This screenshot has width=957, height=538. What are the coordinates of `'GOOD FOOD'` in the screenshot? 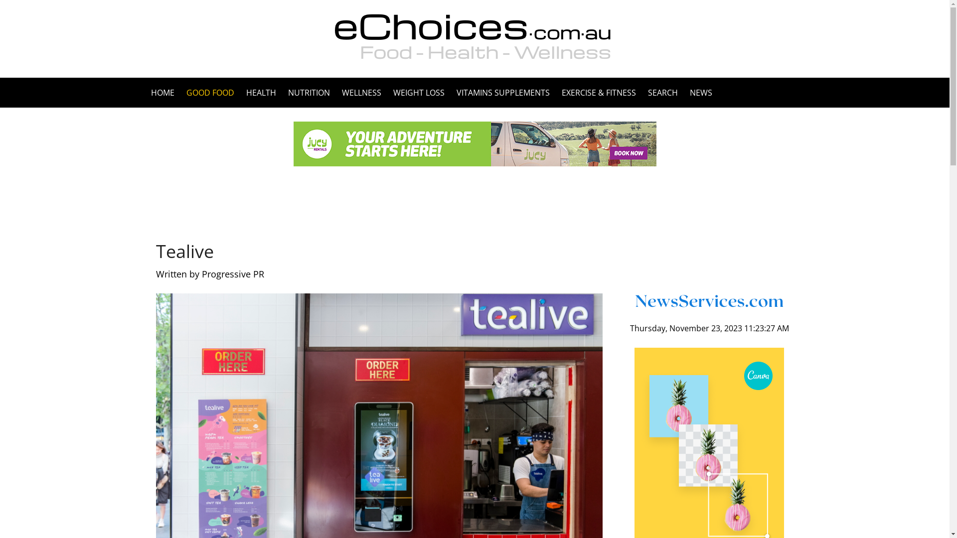 It's located at (210, 92).